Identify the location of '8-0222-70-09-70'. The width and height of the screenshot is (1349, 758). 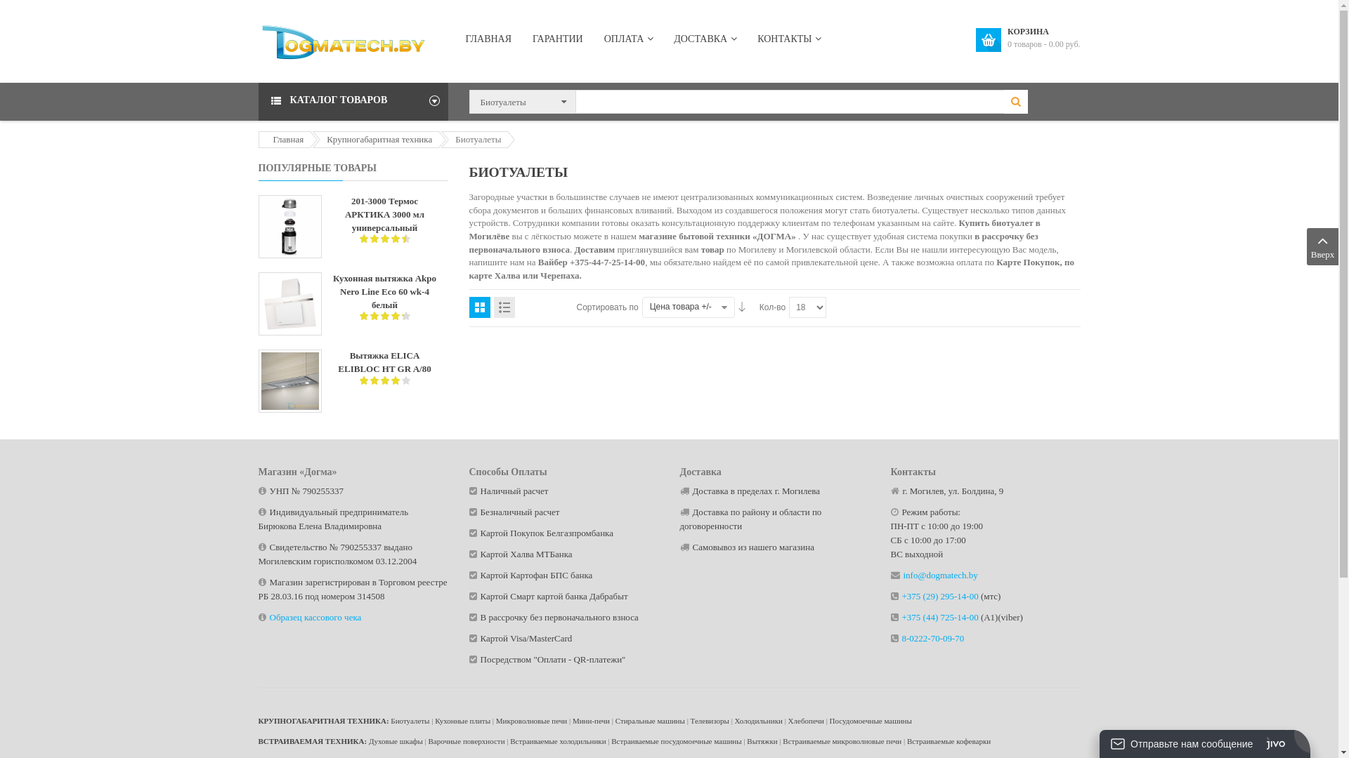
(933, 638).